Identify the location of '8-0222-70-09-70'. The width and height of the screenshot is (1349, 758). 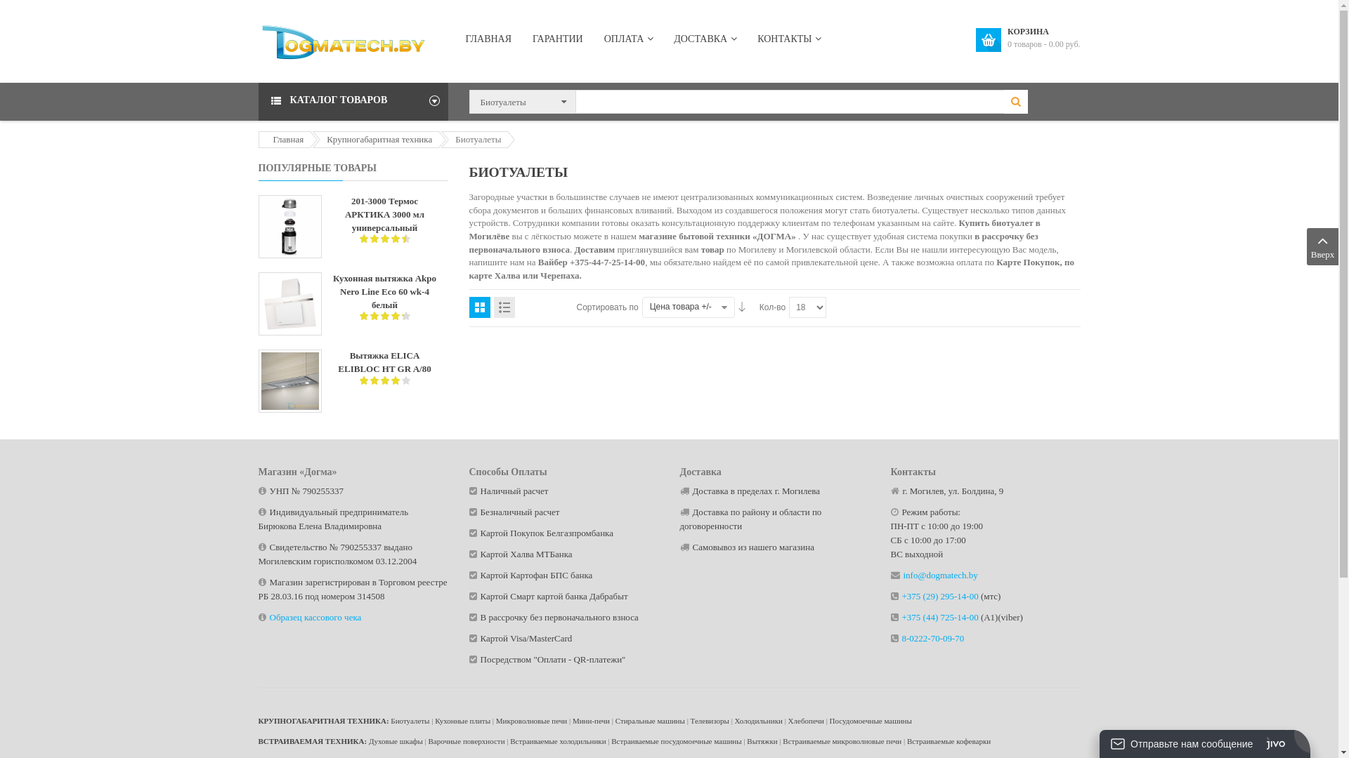
(933, 638).